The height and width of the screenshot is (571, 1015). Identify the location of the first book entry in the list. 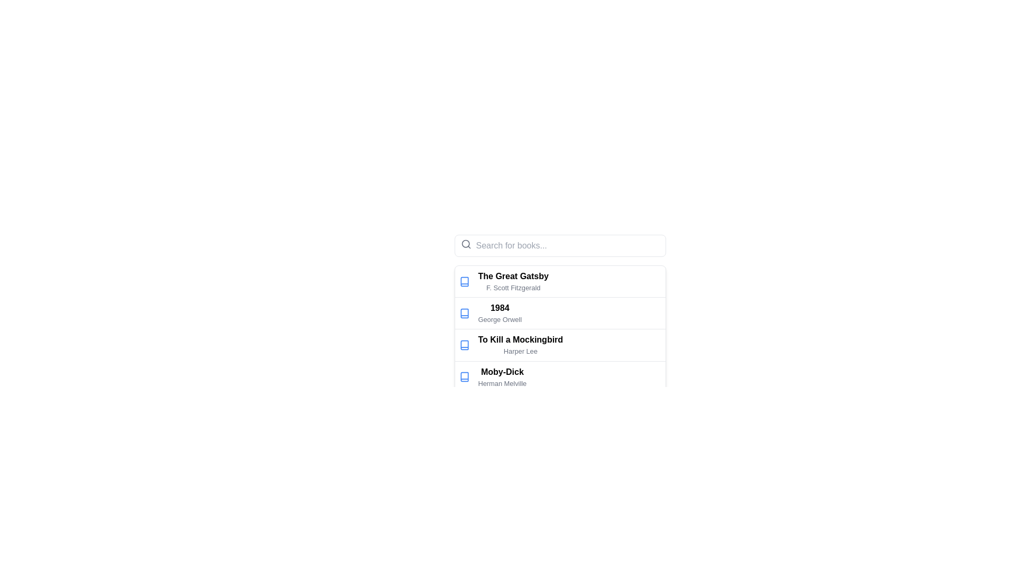
(559, 281).